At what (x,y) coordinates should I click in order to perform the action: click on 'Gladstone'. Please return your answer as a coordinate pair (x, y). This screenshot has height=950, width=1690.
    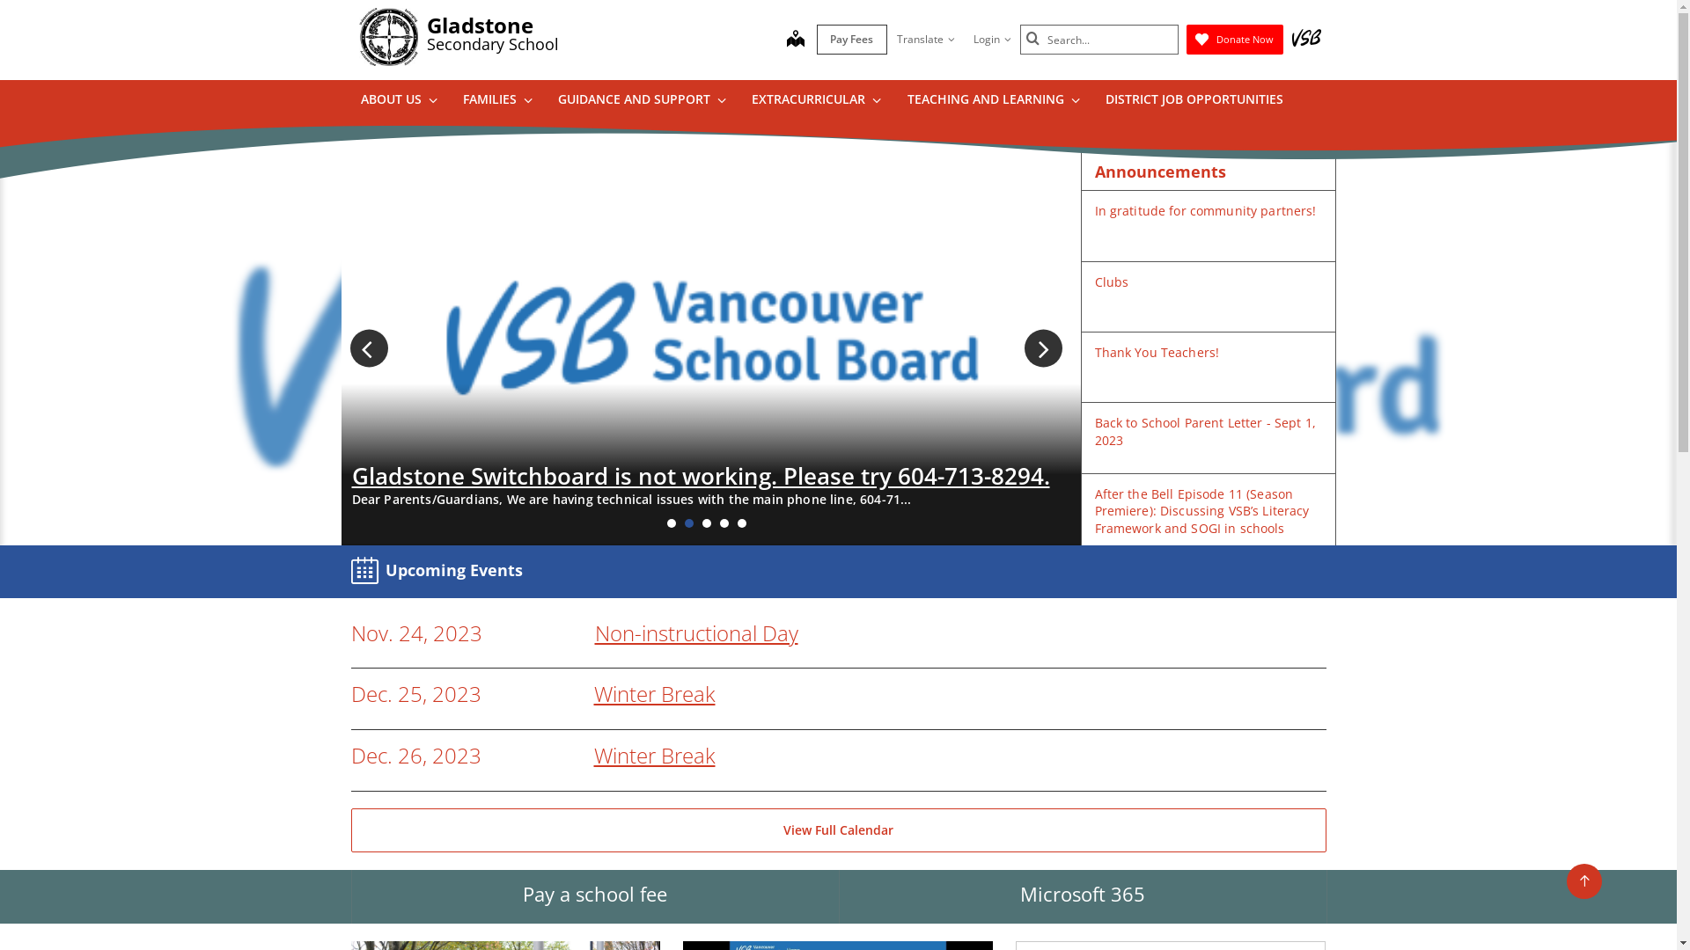
    Looking at the image, I should click on (479, 25).